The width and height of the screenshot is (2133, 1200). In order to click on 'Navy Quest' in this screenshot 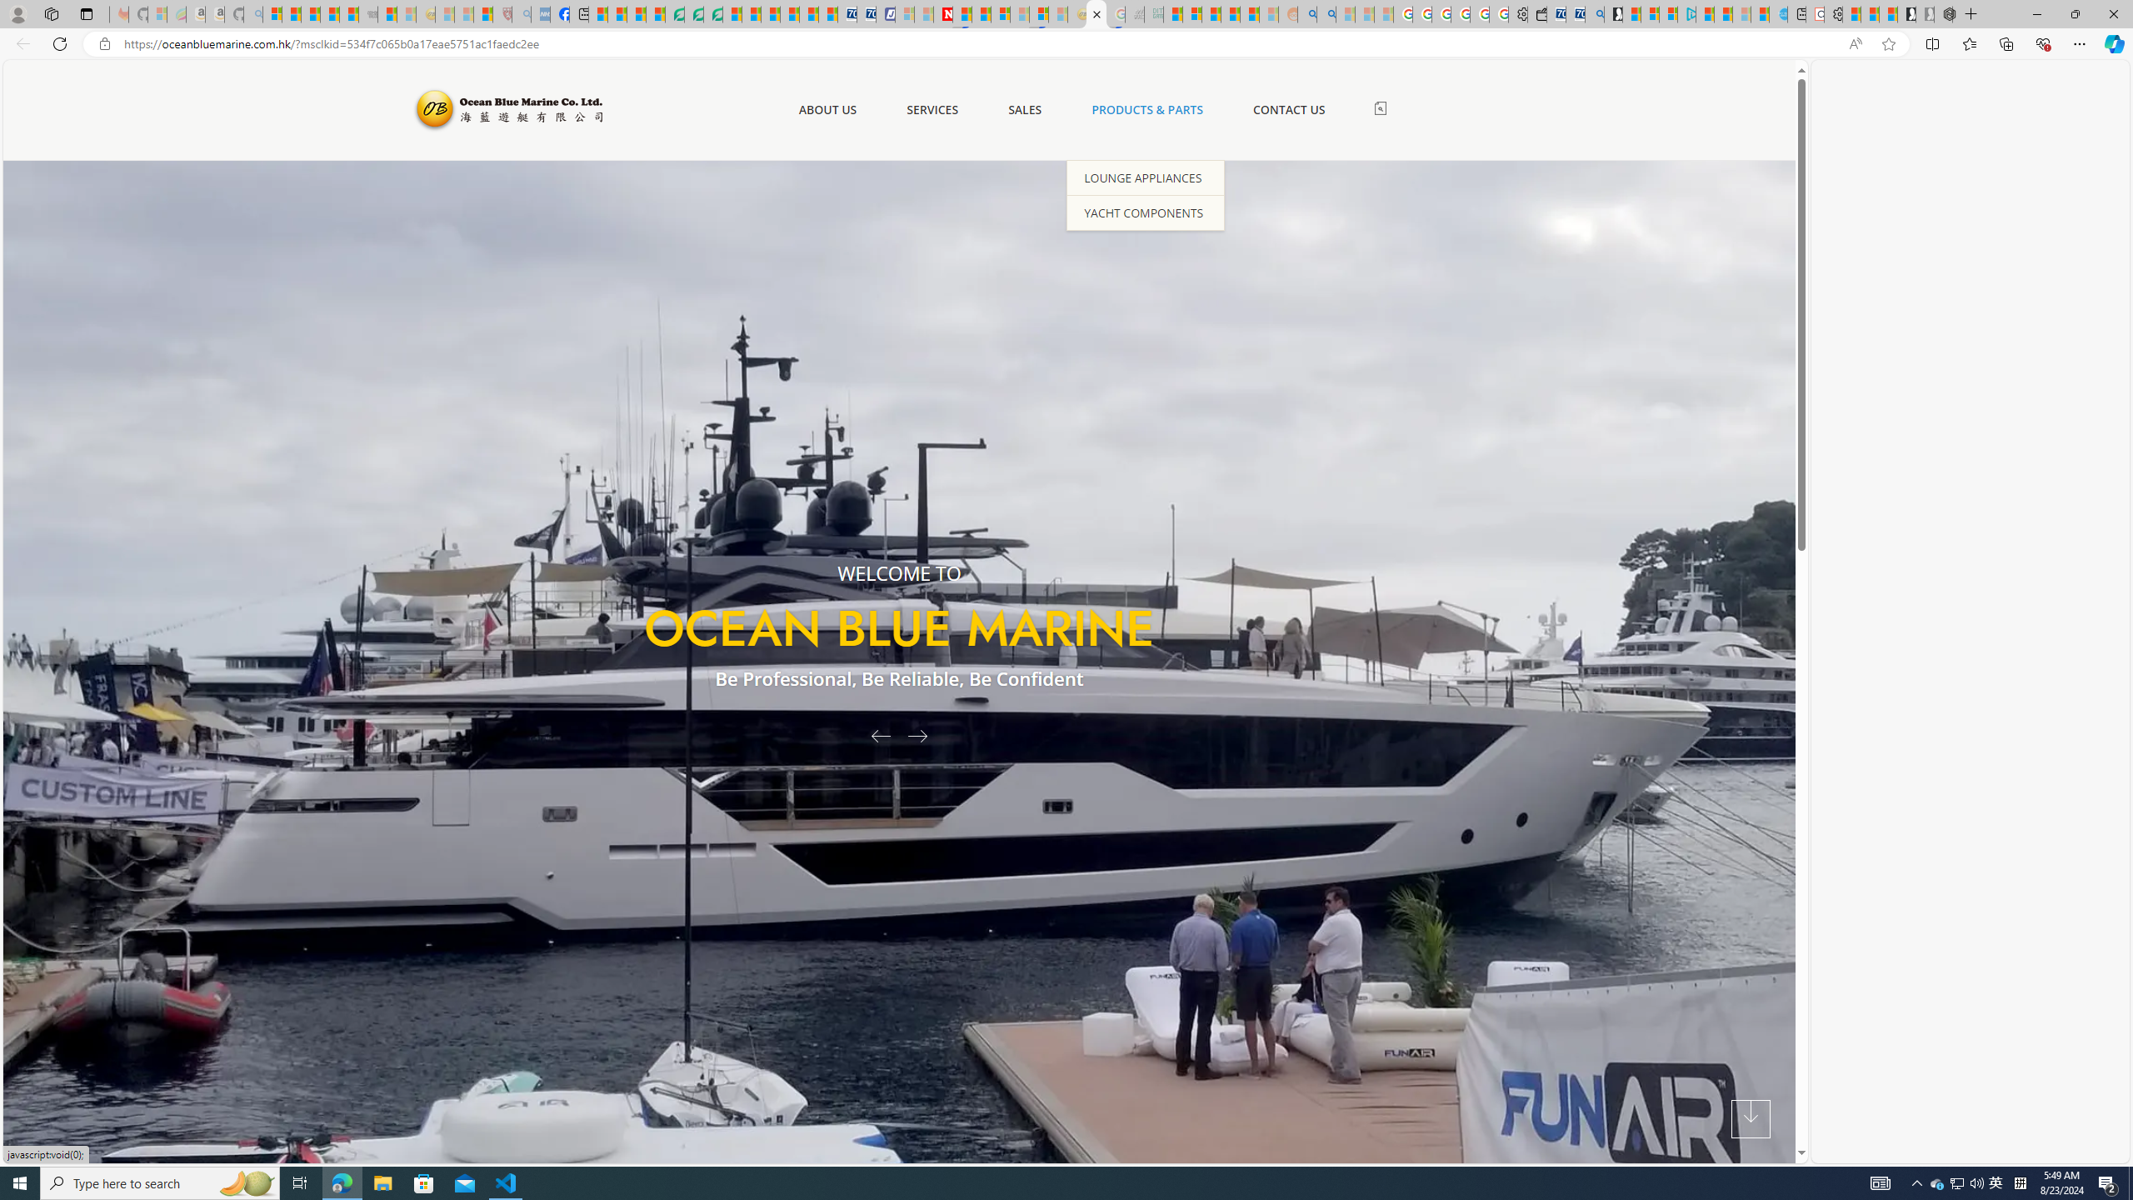, I will do `click(1134, 13)`.